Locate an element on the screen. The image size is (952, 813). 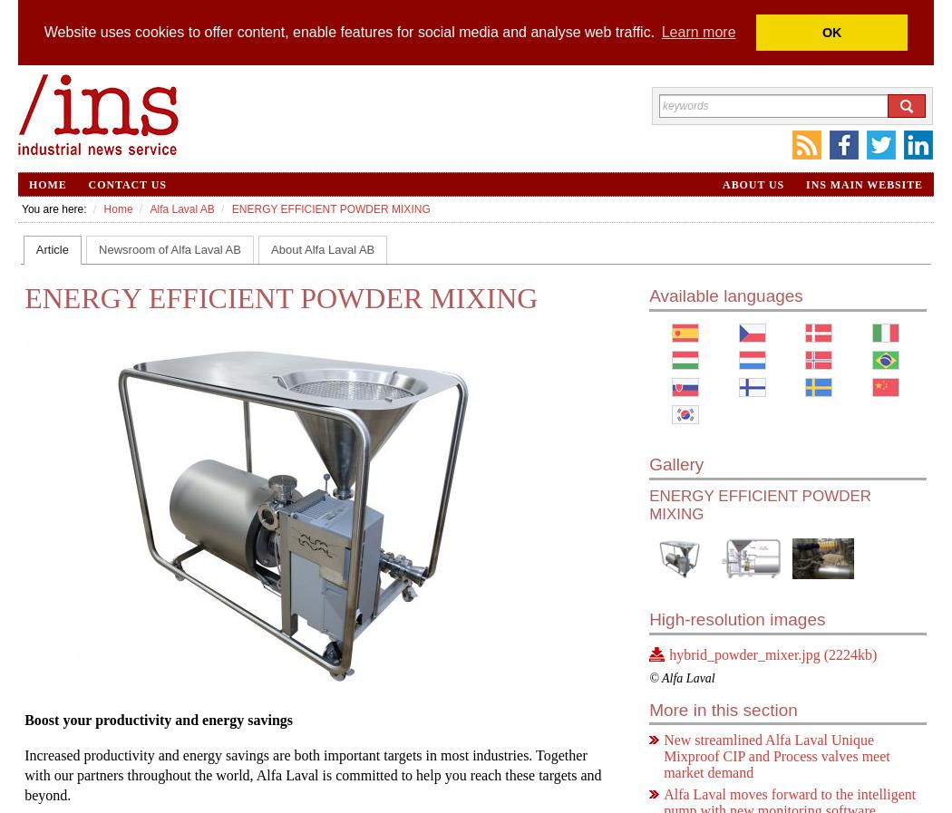
'New streamlined Alfa Laval Unique Mixproof CIP and Process valves meet market demand' is located at coordinates (776, 756).